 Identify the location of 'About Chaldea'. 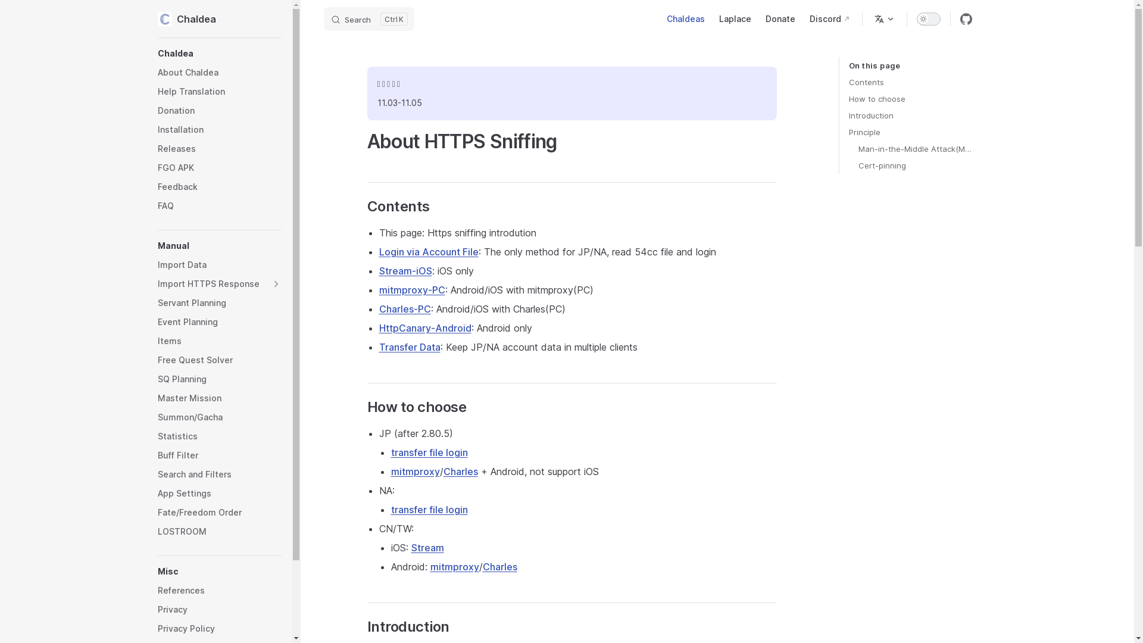
(219, 73).